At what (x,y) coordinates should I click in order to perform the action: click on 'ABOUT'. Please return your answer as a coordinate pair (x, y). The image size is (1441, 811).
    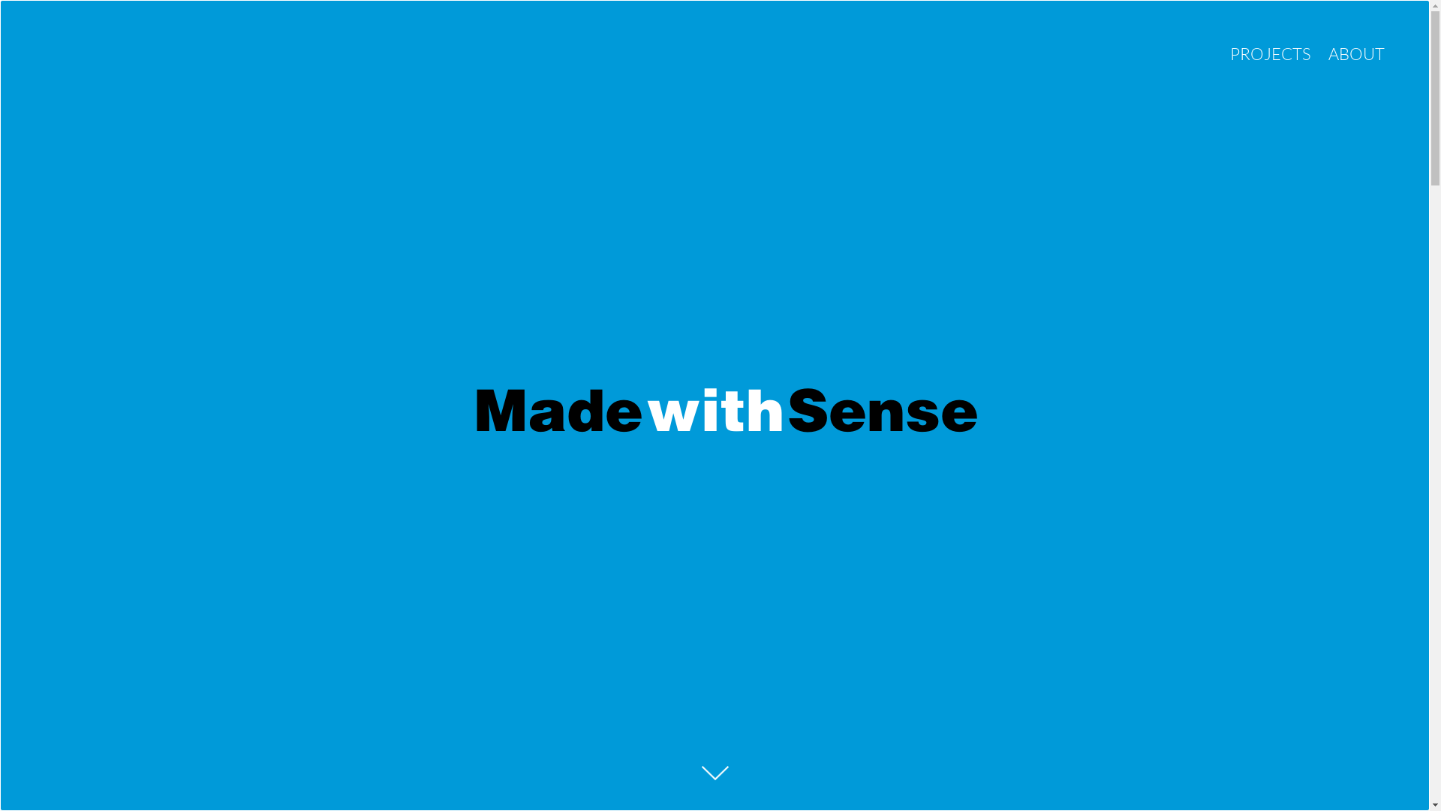
    Looking at the image, I should click on (1328, 53).